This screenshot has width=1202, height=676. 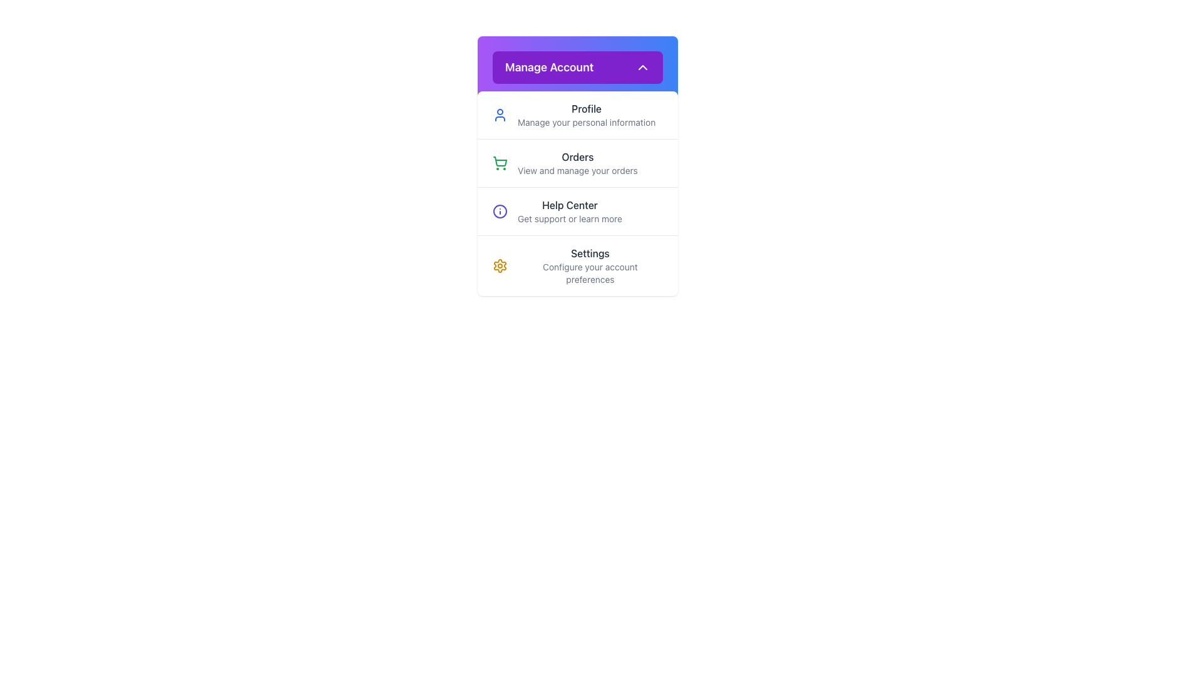 I want to click on the informational text label that provides context about the 'Help Center' section, positioned below the heading, so click(x=569, y=218).